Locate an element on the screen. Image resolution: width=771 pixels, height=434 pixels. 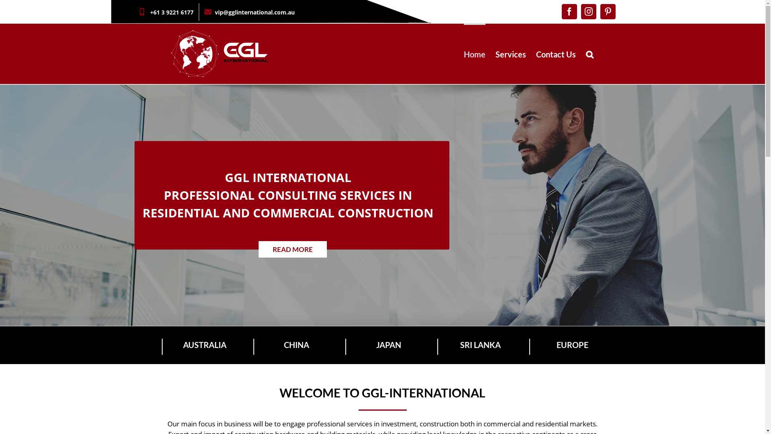
'Contact Us' is located at coordinates (536, 54).